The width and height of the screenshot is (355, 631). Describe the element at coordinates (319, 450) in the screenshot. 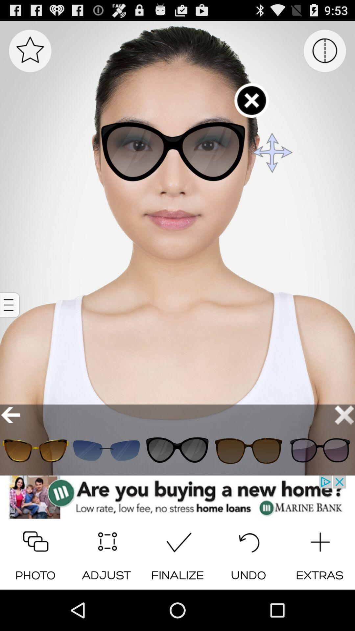

I see `glass edit` at that location.